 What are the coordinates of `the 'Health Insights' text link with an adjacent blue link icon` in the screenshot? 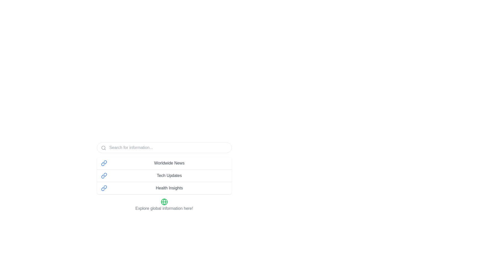 It's located at (164, 188).